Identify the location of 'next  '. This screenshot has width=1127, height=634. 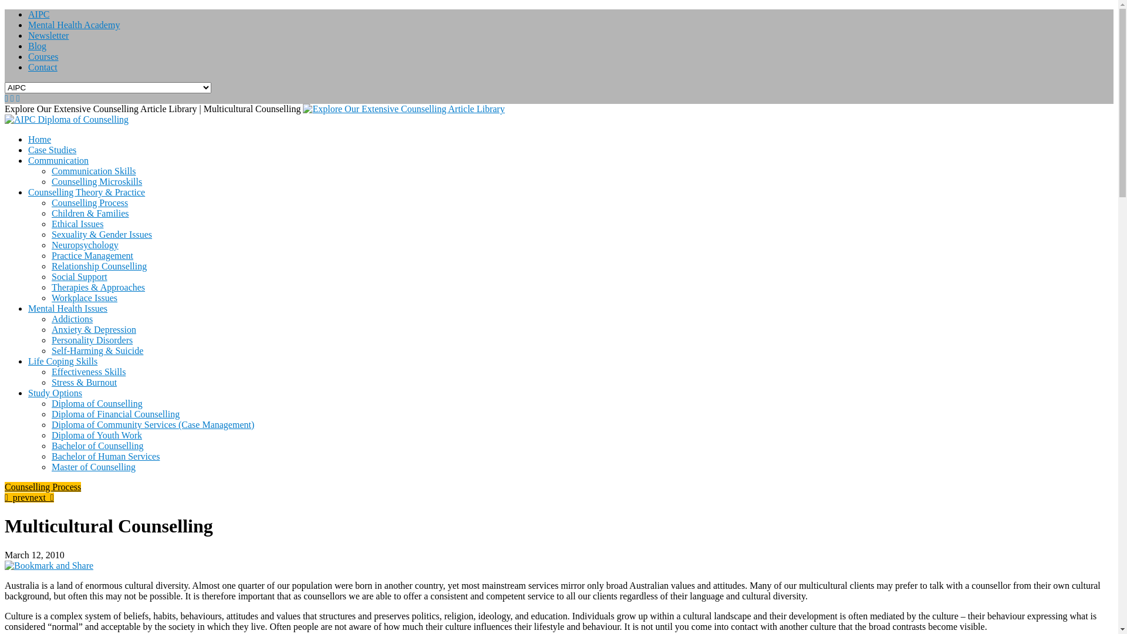
(29, 497).